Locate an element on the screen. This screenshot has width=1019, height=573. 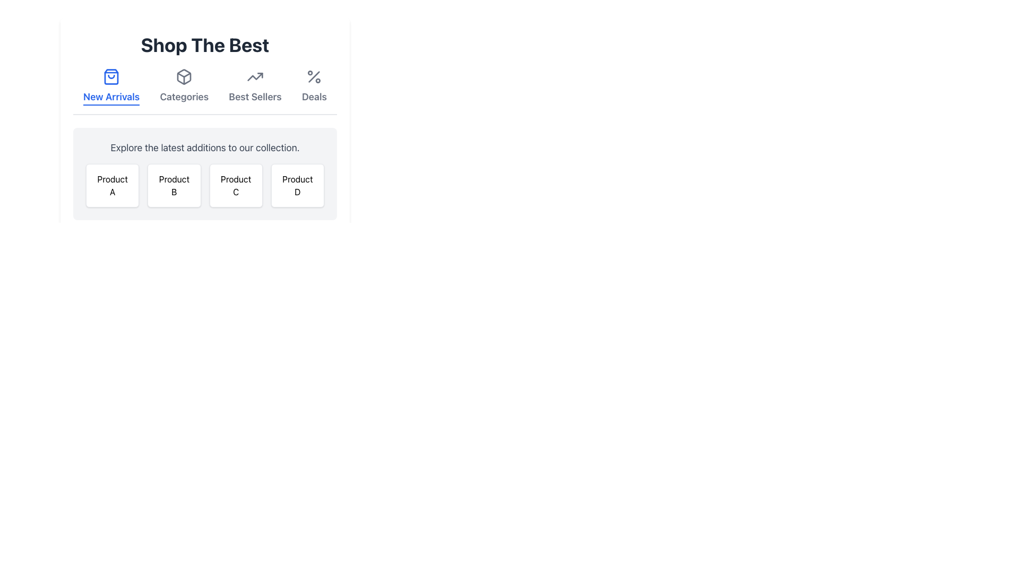
the blue outlined shopping bag icon located at the top-left section of the interface, directly above the 'New Arrivals' text label is located at coordinates (111, 76).